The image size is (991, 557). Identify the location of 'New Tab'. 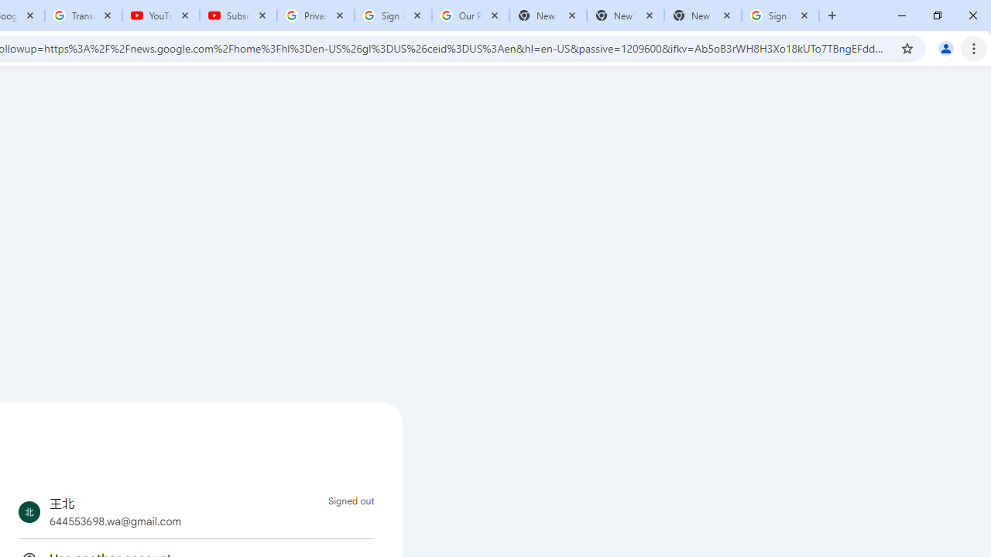
(701, 15).